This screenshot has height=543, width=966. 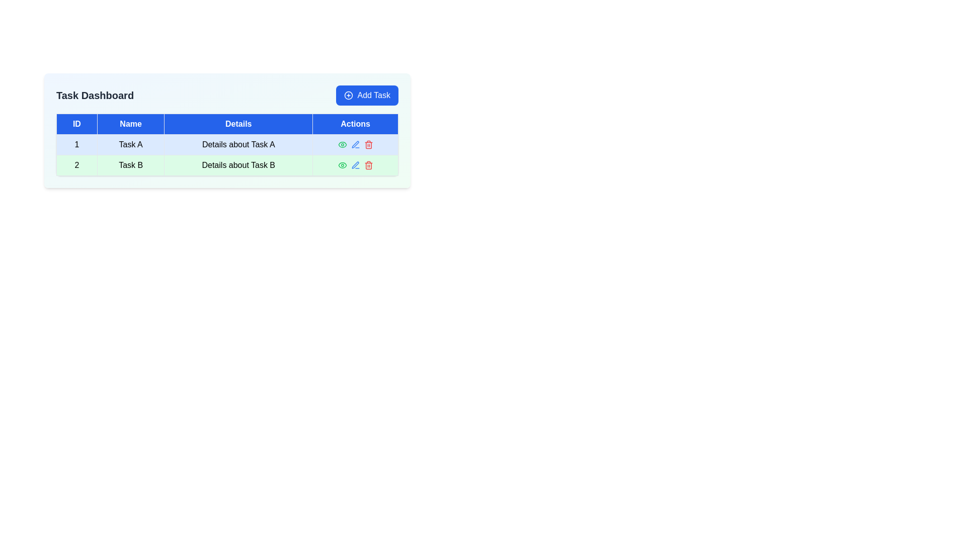 What do you see at coordinates (355, 123) in the screenshot?
I see `the static text label 'Actions' which is the last element in the header row of the table, visually aligned with 'ID', 'Name', and 'Details'` at bounding box center [355, 123].